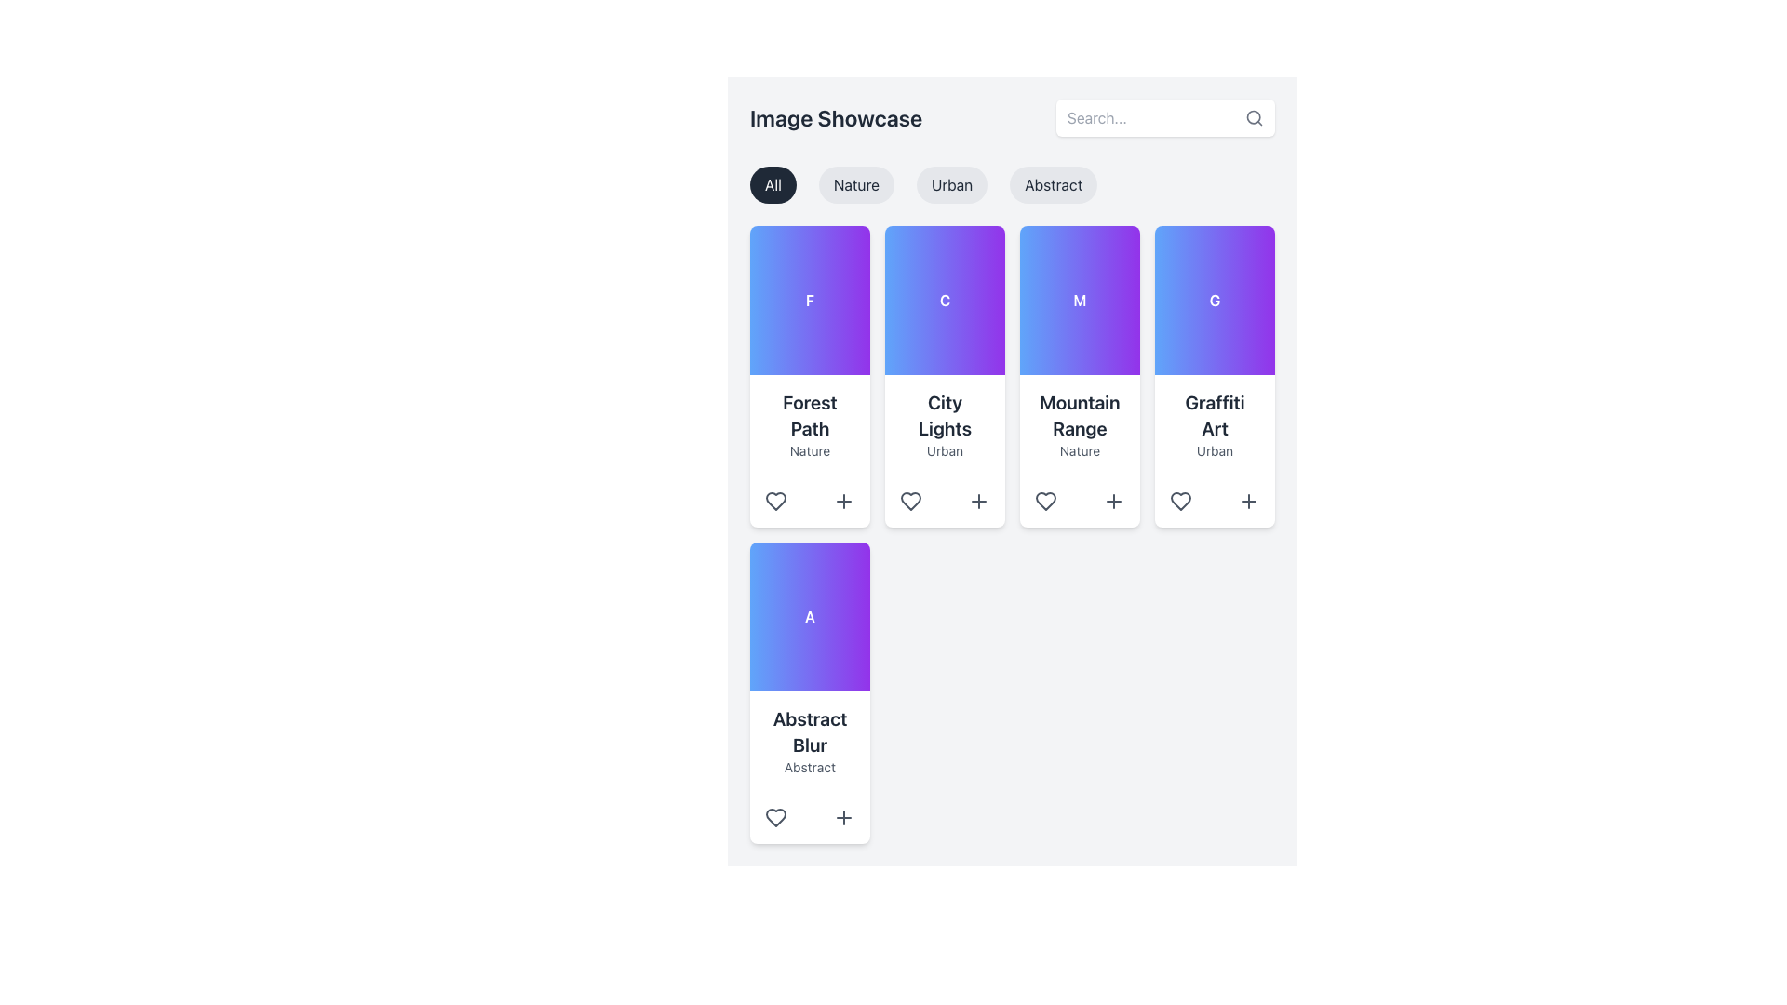  What do you see at coordinates (945, 451) in the screenshot?
I see `the Text Label displaying 'Urban', which is a small-sized light gray font located directly below 'City Lights' in the second card from the left in the top row of the display grid` at bounding box center [945, 451].